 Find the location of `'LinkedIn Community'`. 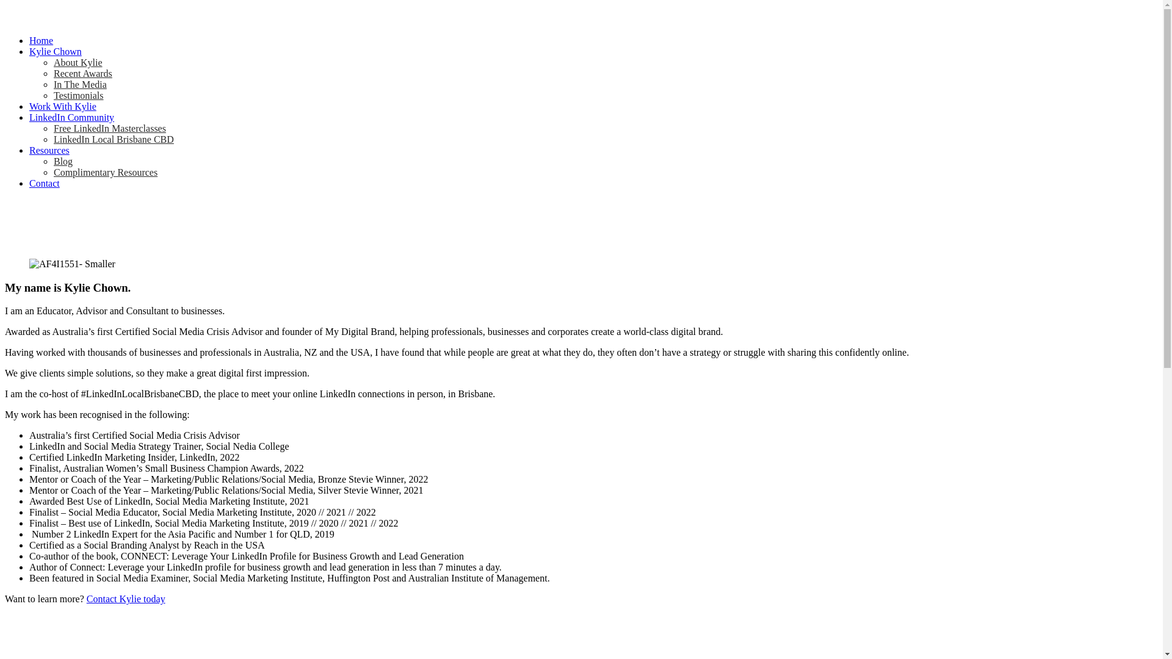

'LinkedIn Community' is located at coordinates (29, 117).